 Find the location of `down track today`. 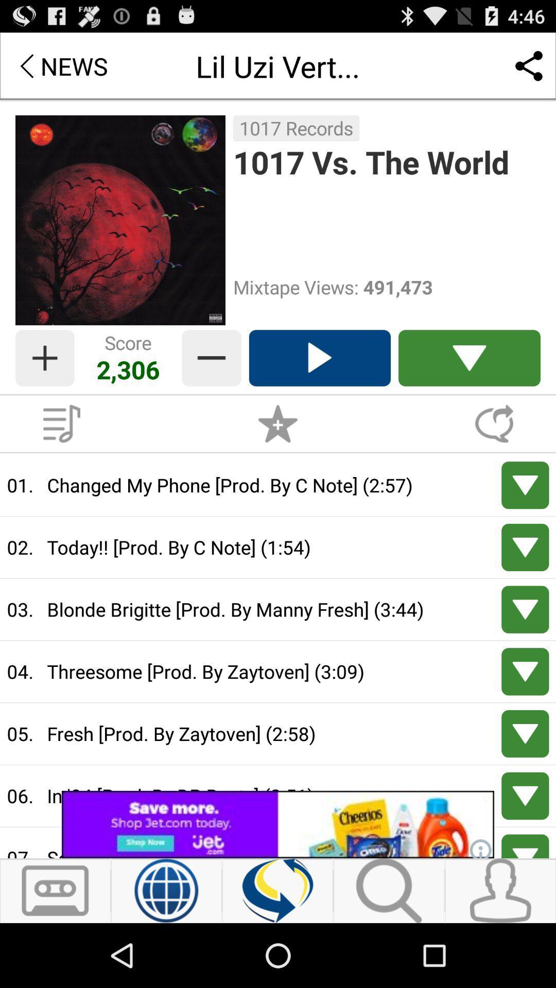

down track today is located at coordinates (525, 546).